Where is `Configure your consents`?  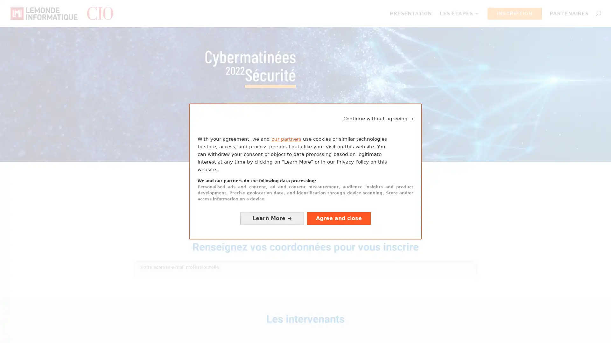 Configure your consents is located at coordinates (272, 218).